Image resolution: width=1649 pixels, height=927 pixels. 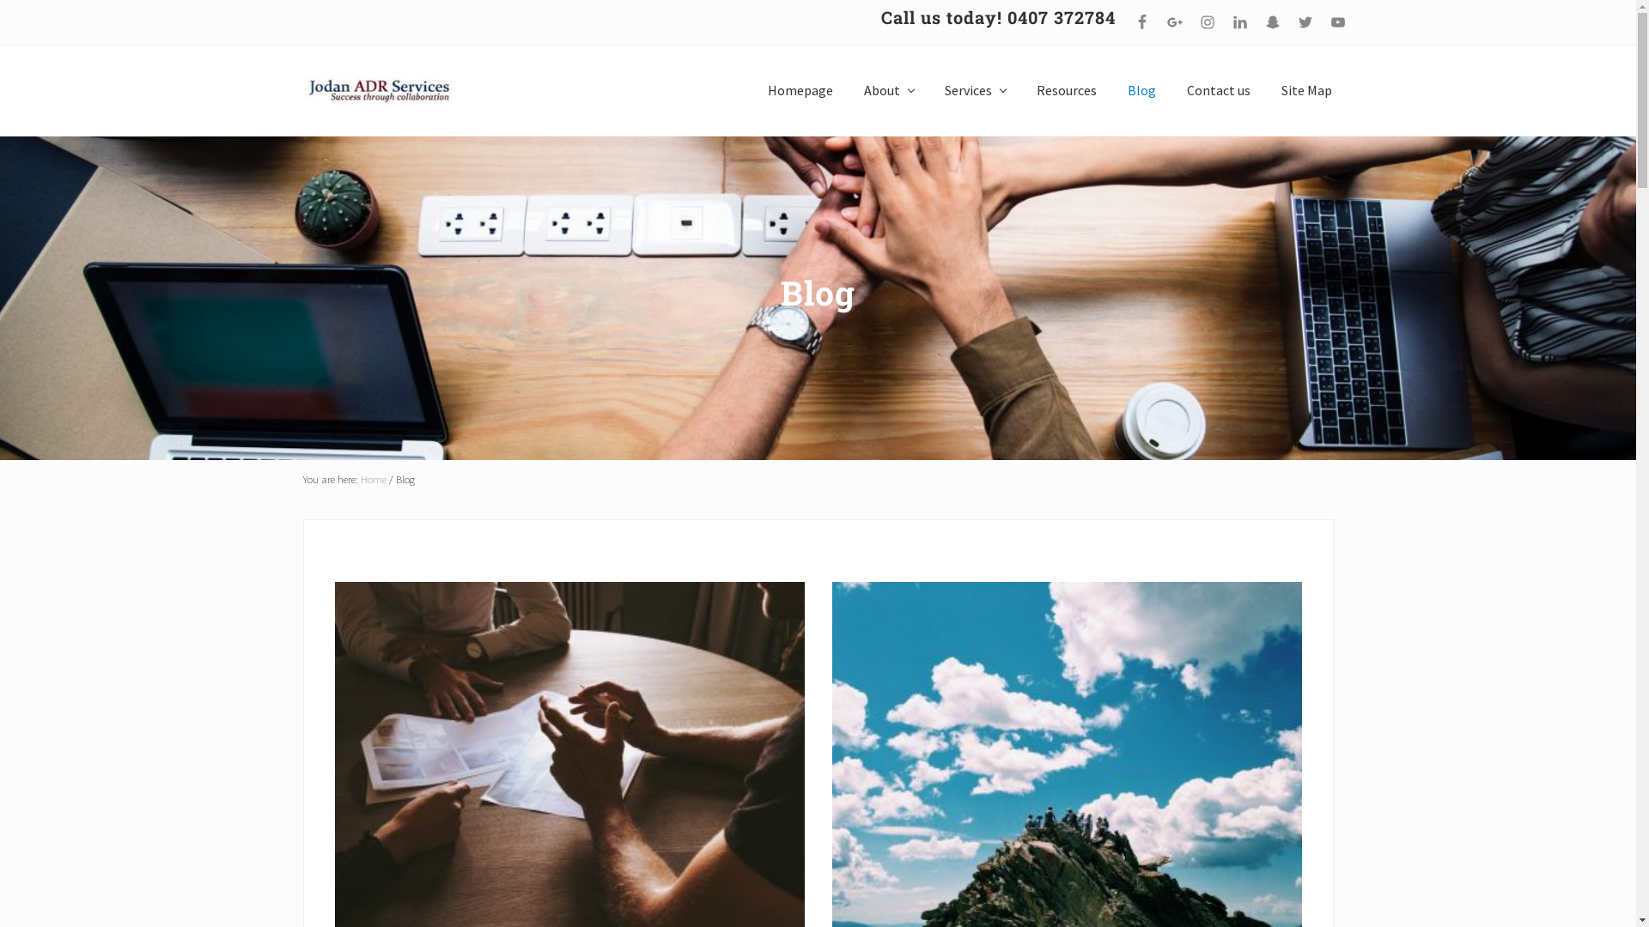 I want to click on 'Instagram', so click(x=1206, y=22).